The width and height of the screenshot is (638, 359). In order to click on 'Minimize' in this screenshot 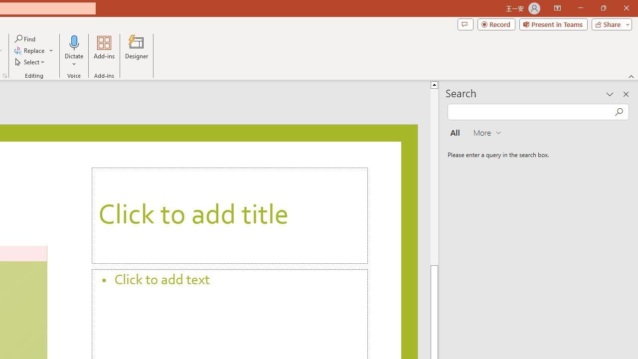, I will do `click(580, 8)`.